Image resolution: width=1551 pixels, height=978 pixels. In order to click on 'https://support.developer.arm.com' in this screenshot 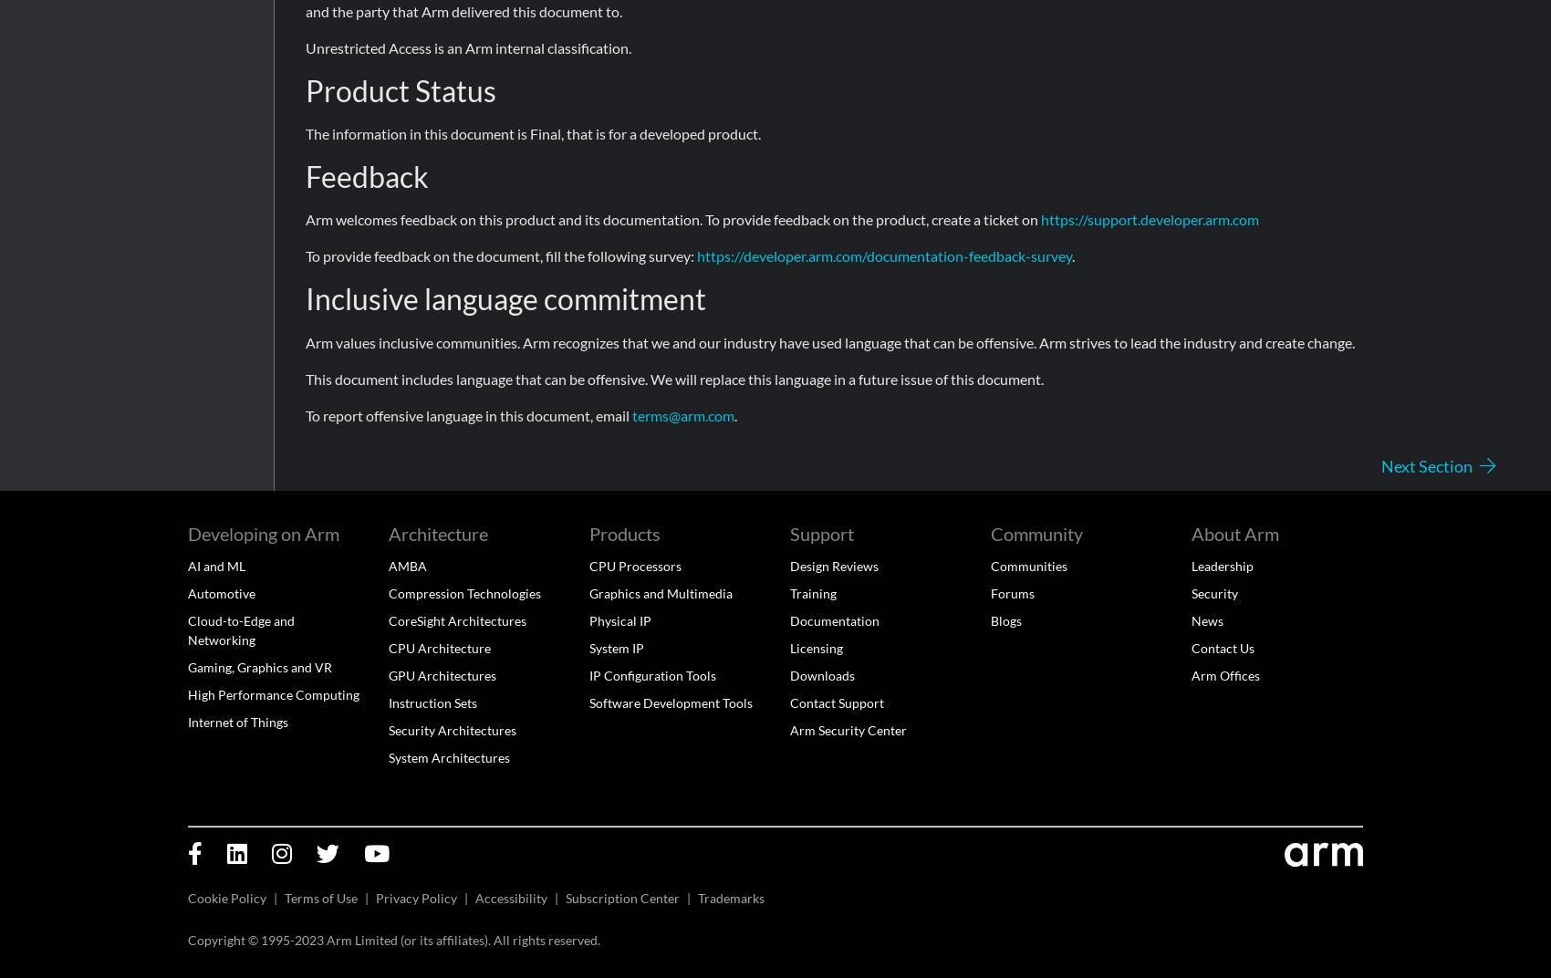, I will do `click(1149, 219)`.